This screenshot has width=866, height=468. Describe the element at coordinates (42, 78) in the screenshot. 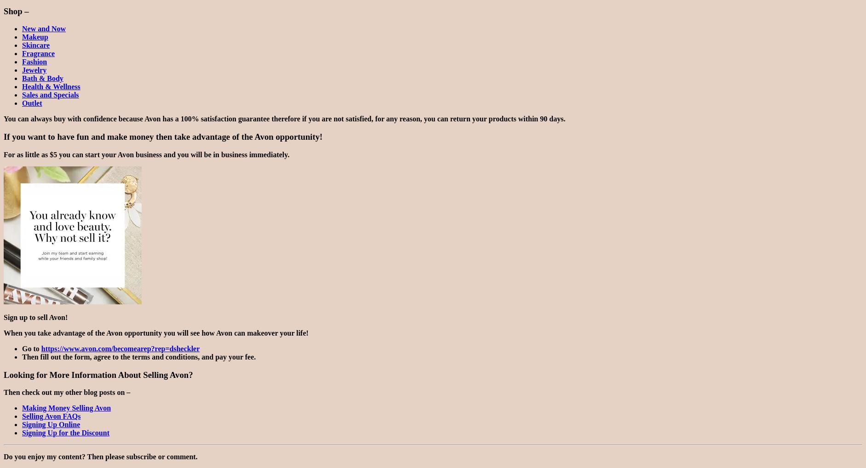

I see `'Bath & Body'` at that location.